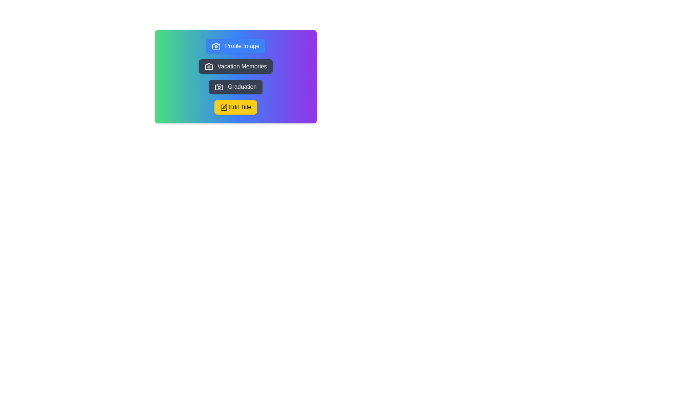 The width and height of the screenshot is (699, 393). What do you see at coordinates (236, 107) in the screenshot?
I see `the 'Edit Title' button, which is a yellow rectangular button with rounded corners located below the 'Graduation' button` at bounding box center [236, 107].